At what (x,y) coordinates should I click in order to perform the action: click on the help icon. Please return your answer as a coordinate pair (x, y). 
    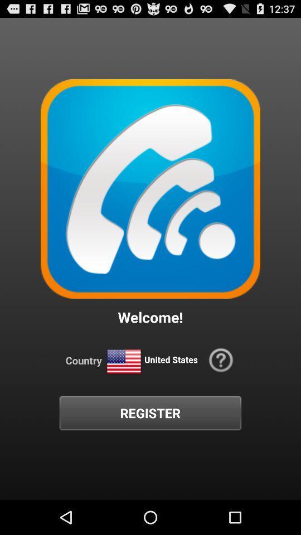
    Looking at the image, I should click on (221, 386).